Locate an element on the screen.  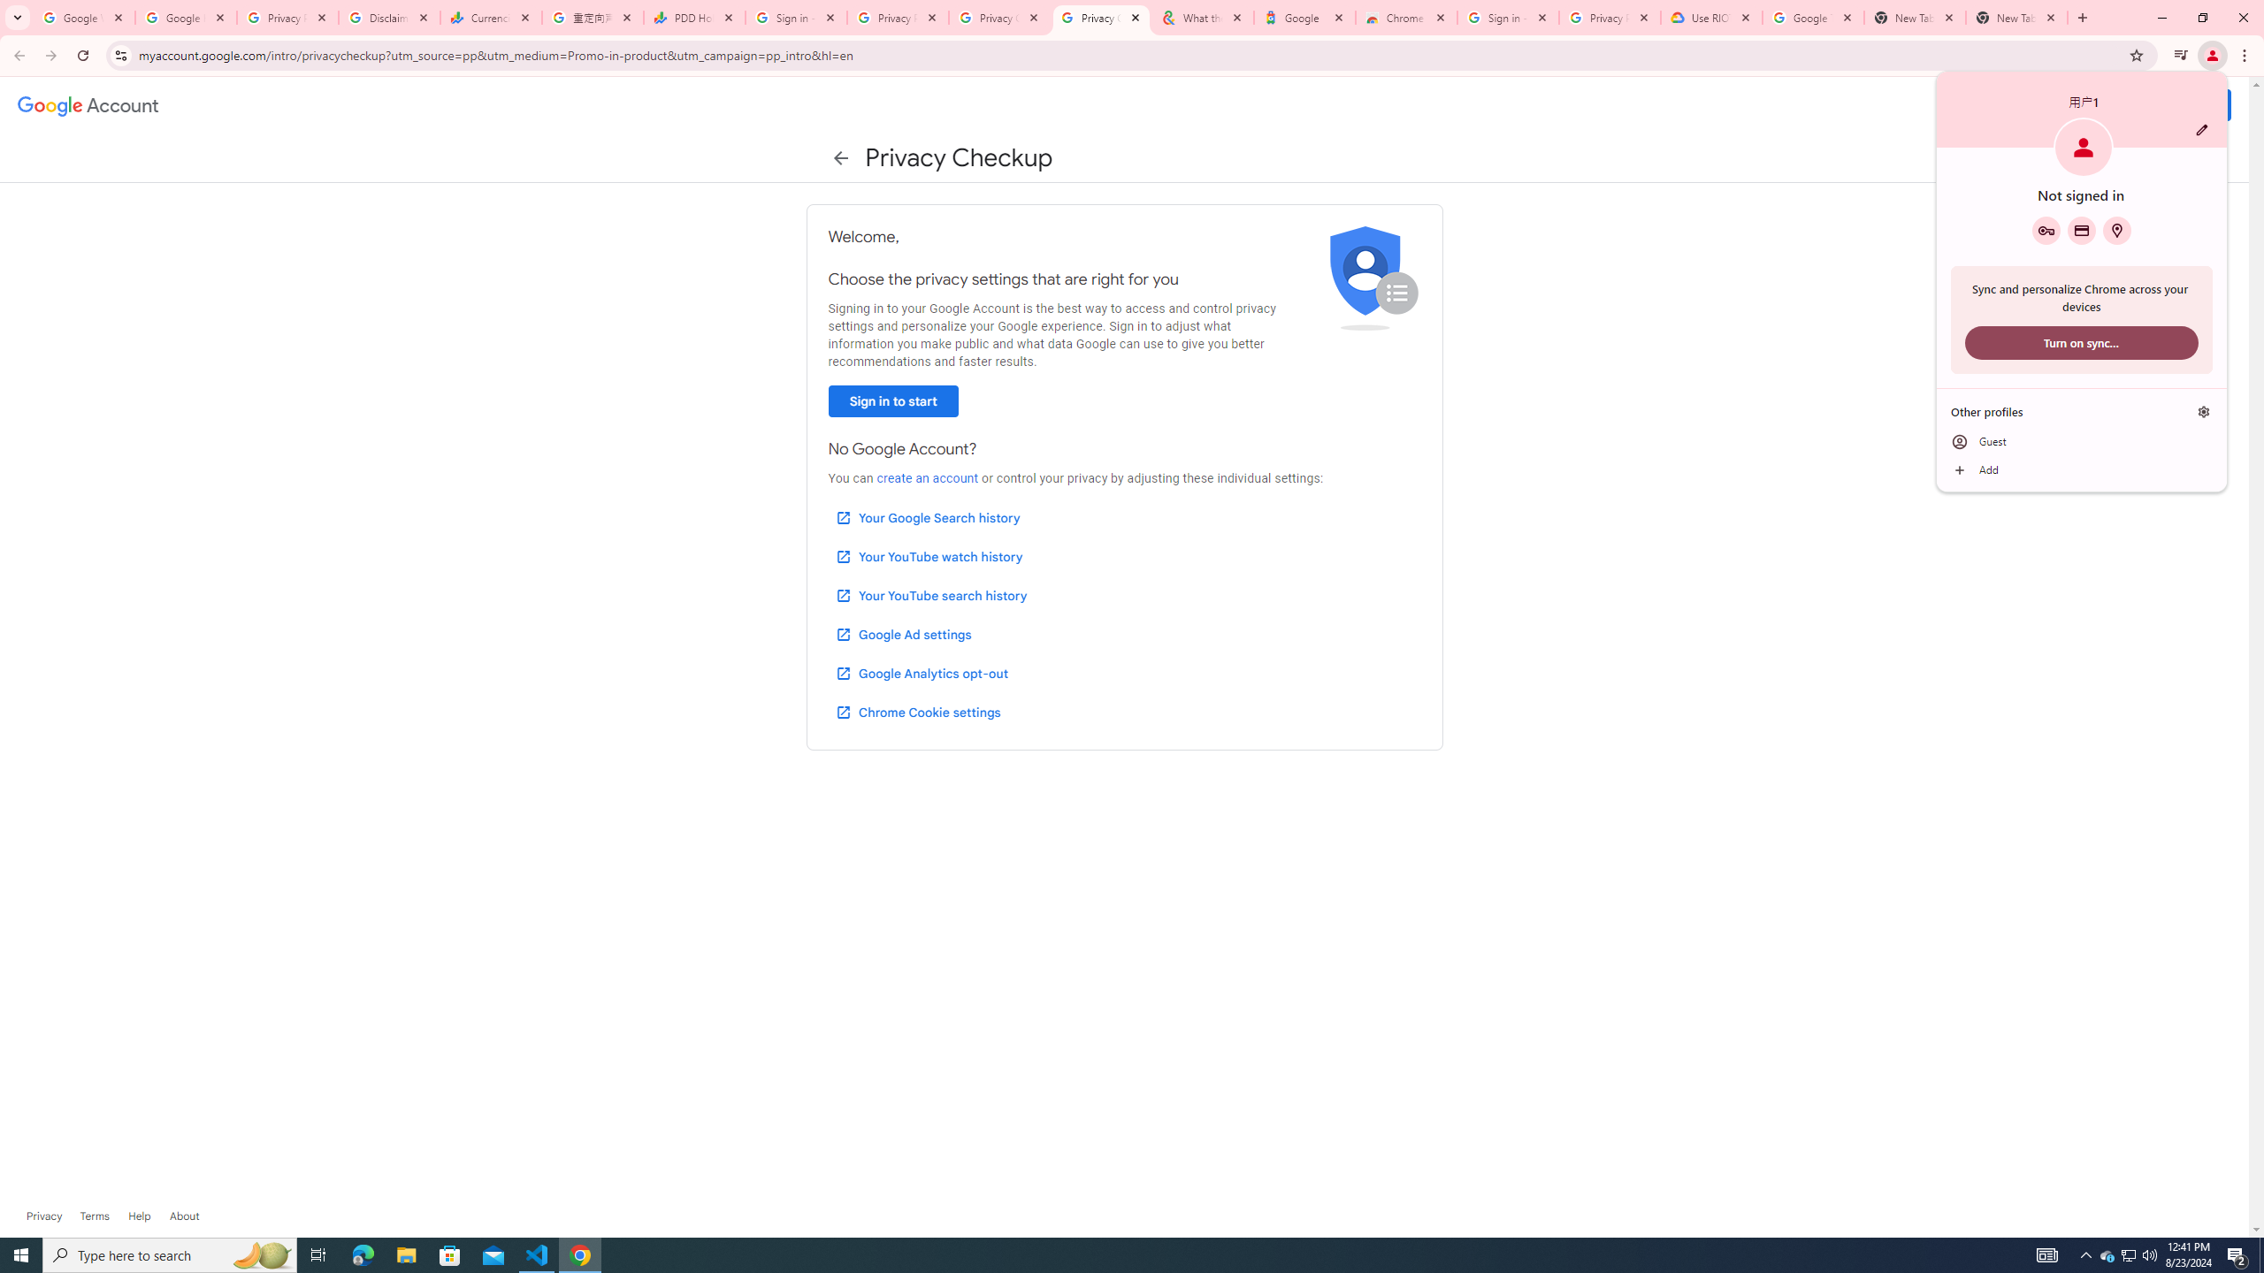
'Privacy Checkup' is located at coordinates (1100, 17).